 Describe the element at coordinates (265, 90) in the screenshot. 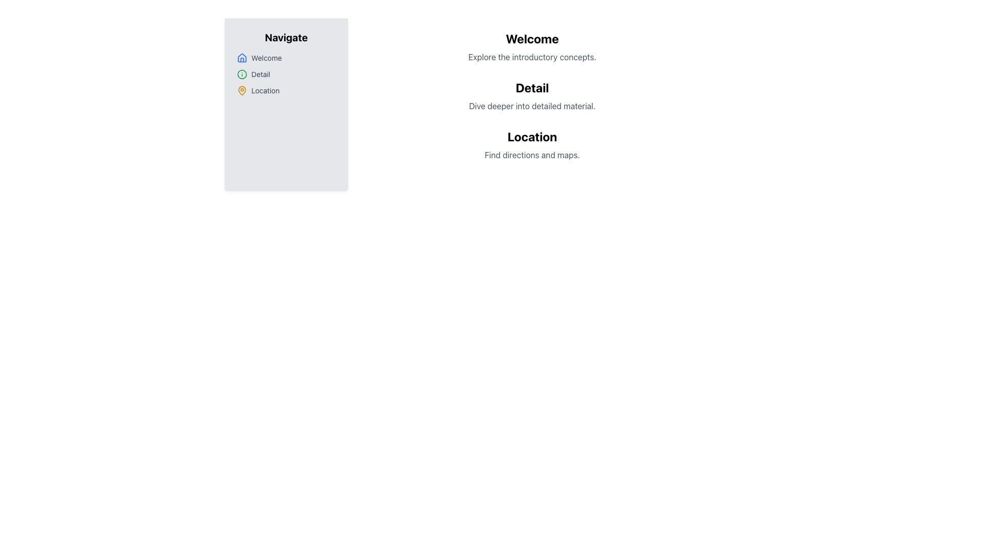

I see `the 'Location' text label within the navigational list` at that location.